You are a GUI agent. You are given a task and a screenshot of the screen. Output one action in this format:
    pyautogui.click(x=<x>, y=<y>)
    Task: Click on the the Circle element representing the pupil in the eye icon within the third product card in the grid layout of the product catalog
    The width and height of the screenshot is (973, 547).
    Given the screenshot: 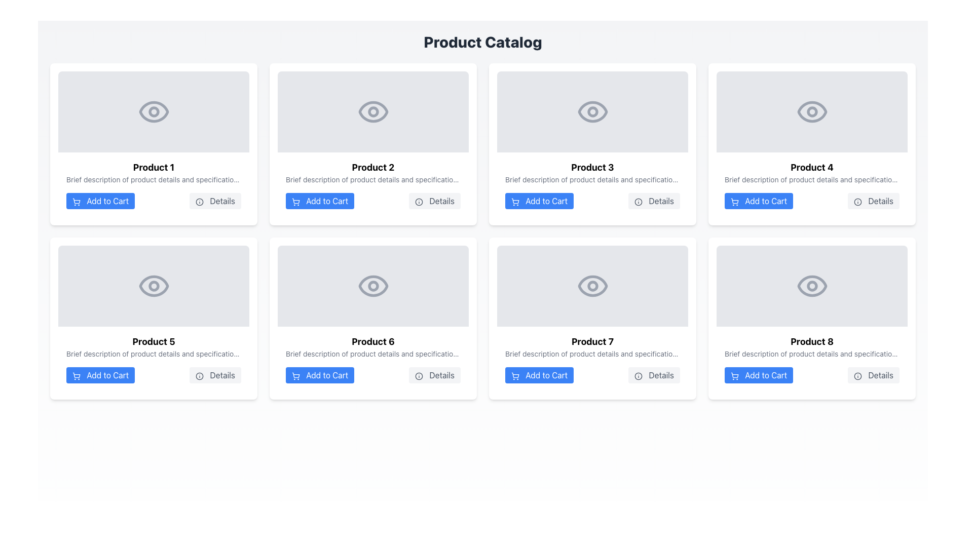 What is the action you would take?
    pyautogui.click(x=592, y=111)
    